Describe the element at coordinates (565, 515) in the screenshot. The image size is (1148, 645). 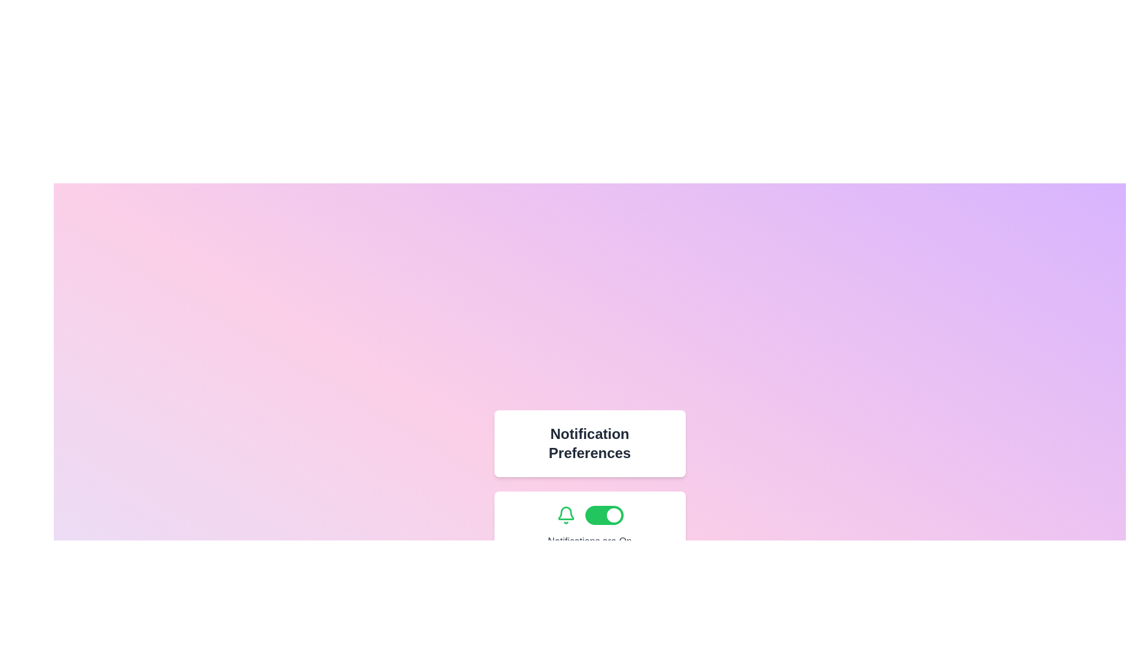
I see `the green bell icon, which is the leftmost item in a group of three items, resembling a notification symbol` at that location.